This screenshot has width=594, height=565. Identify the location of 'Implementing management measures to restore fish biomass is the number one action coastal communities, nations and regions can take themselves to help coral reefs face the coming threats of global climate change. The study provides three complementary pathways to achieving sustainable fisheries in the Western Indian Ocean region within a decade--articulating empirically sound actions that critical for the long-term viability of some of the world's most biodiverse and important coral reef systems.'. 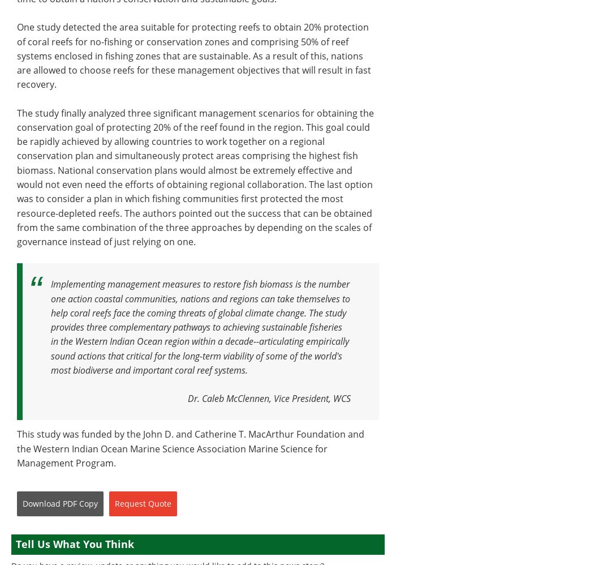
(50, 326).